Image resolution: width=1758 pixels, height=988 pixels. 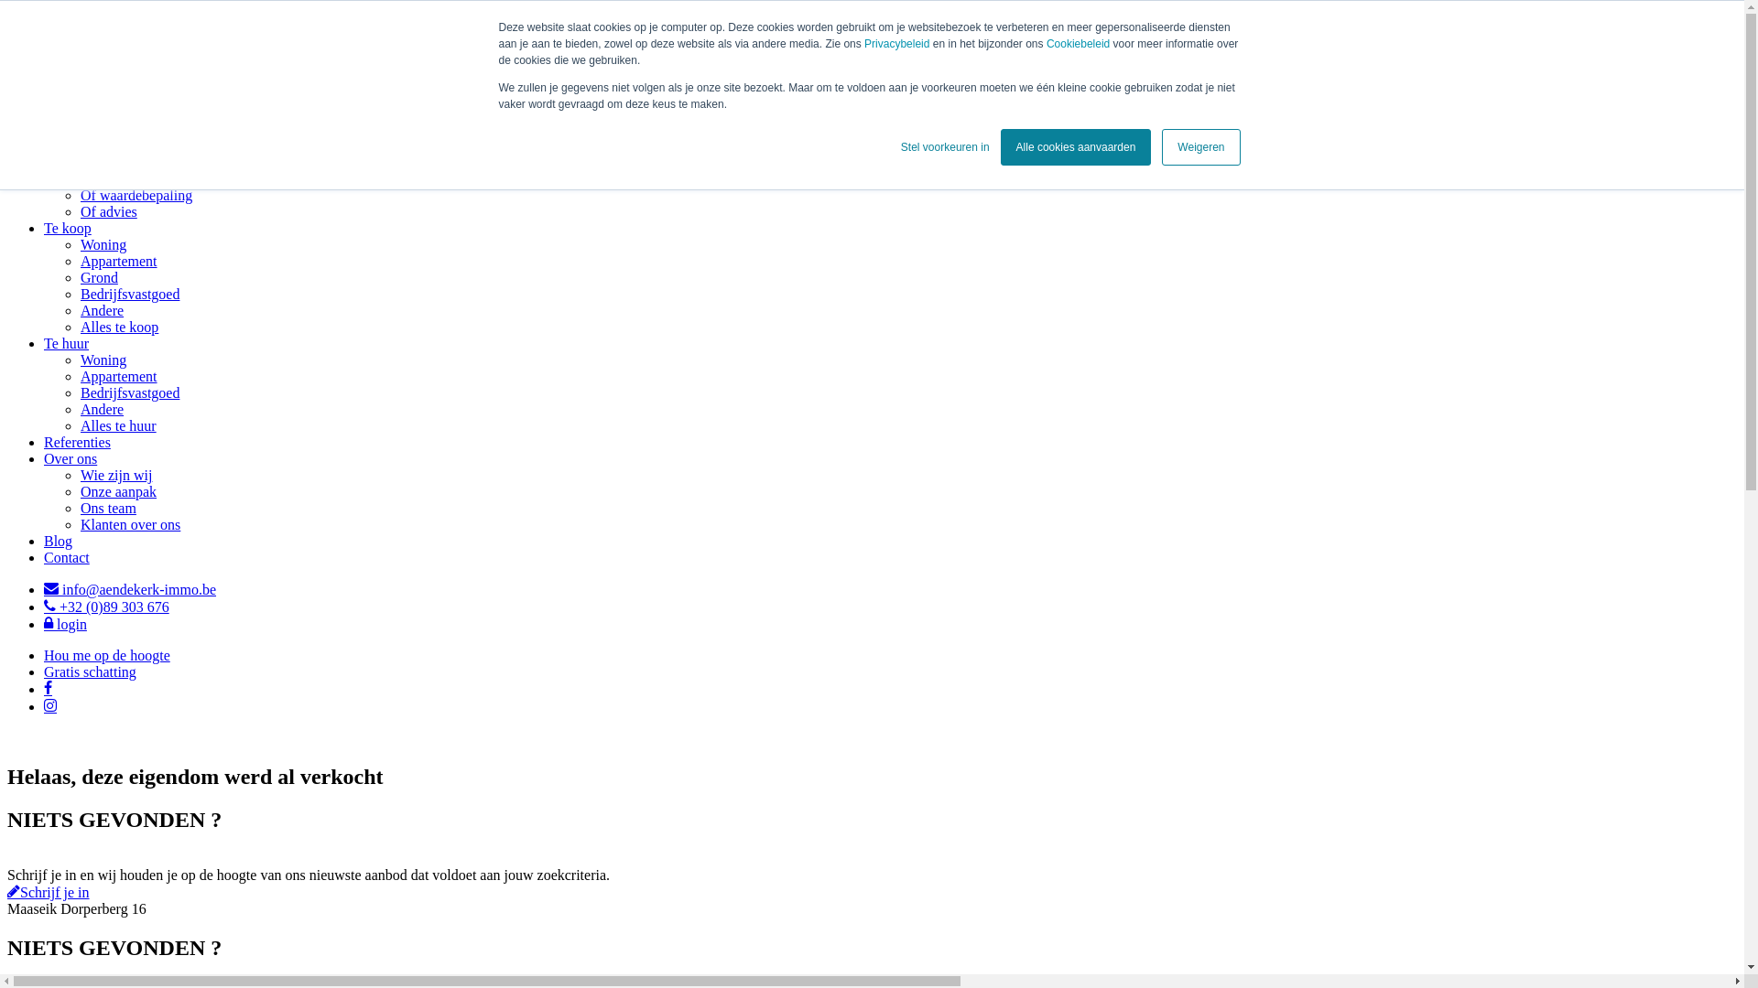 I want to click on 'Gratis schatting', so click(x=44, y=671).